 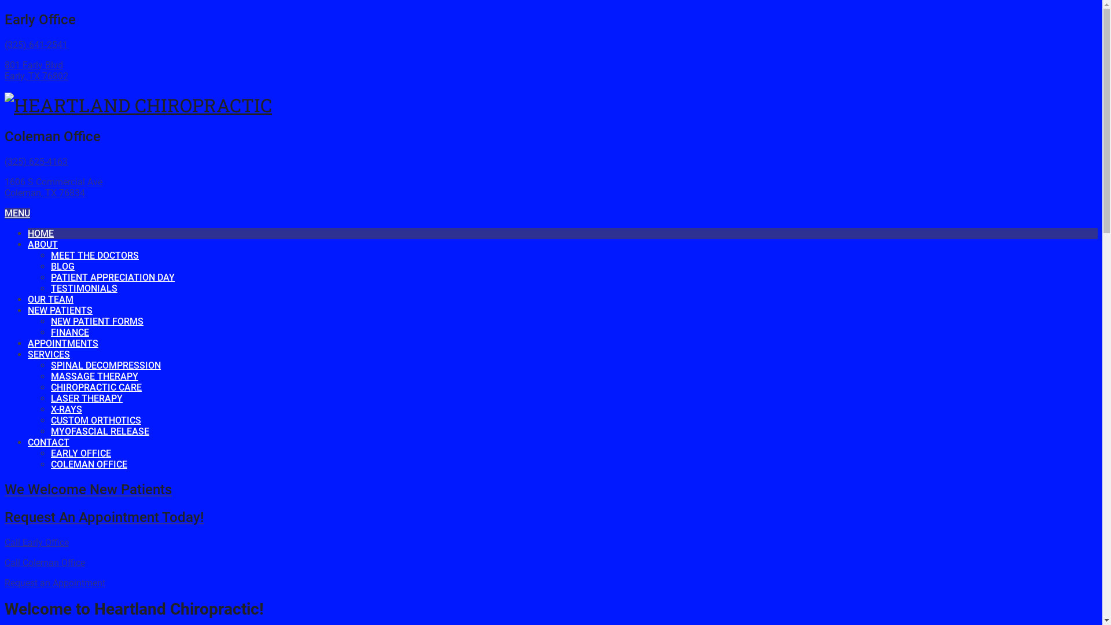 I want to click on 'COLEMAN OFFICE', so click(x=88, y=464).